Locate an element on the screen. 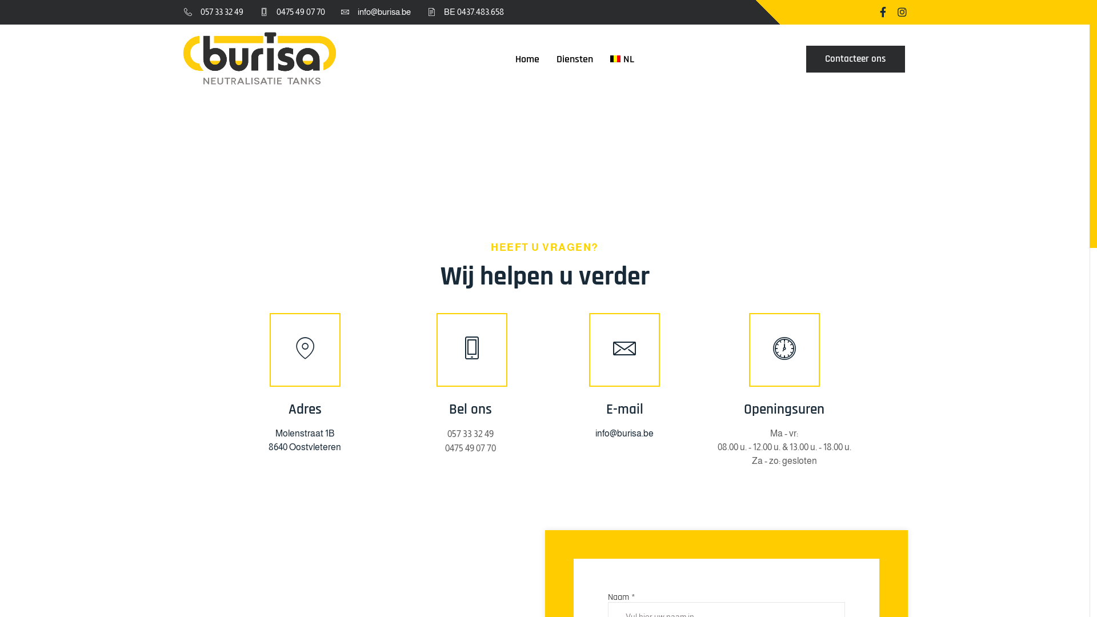 The image size is (1097, 617). '057 33 32 49' is located at coordinates (212, 12).